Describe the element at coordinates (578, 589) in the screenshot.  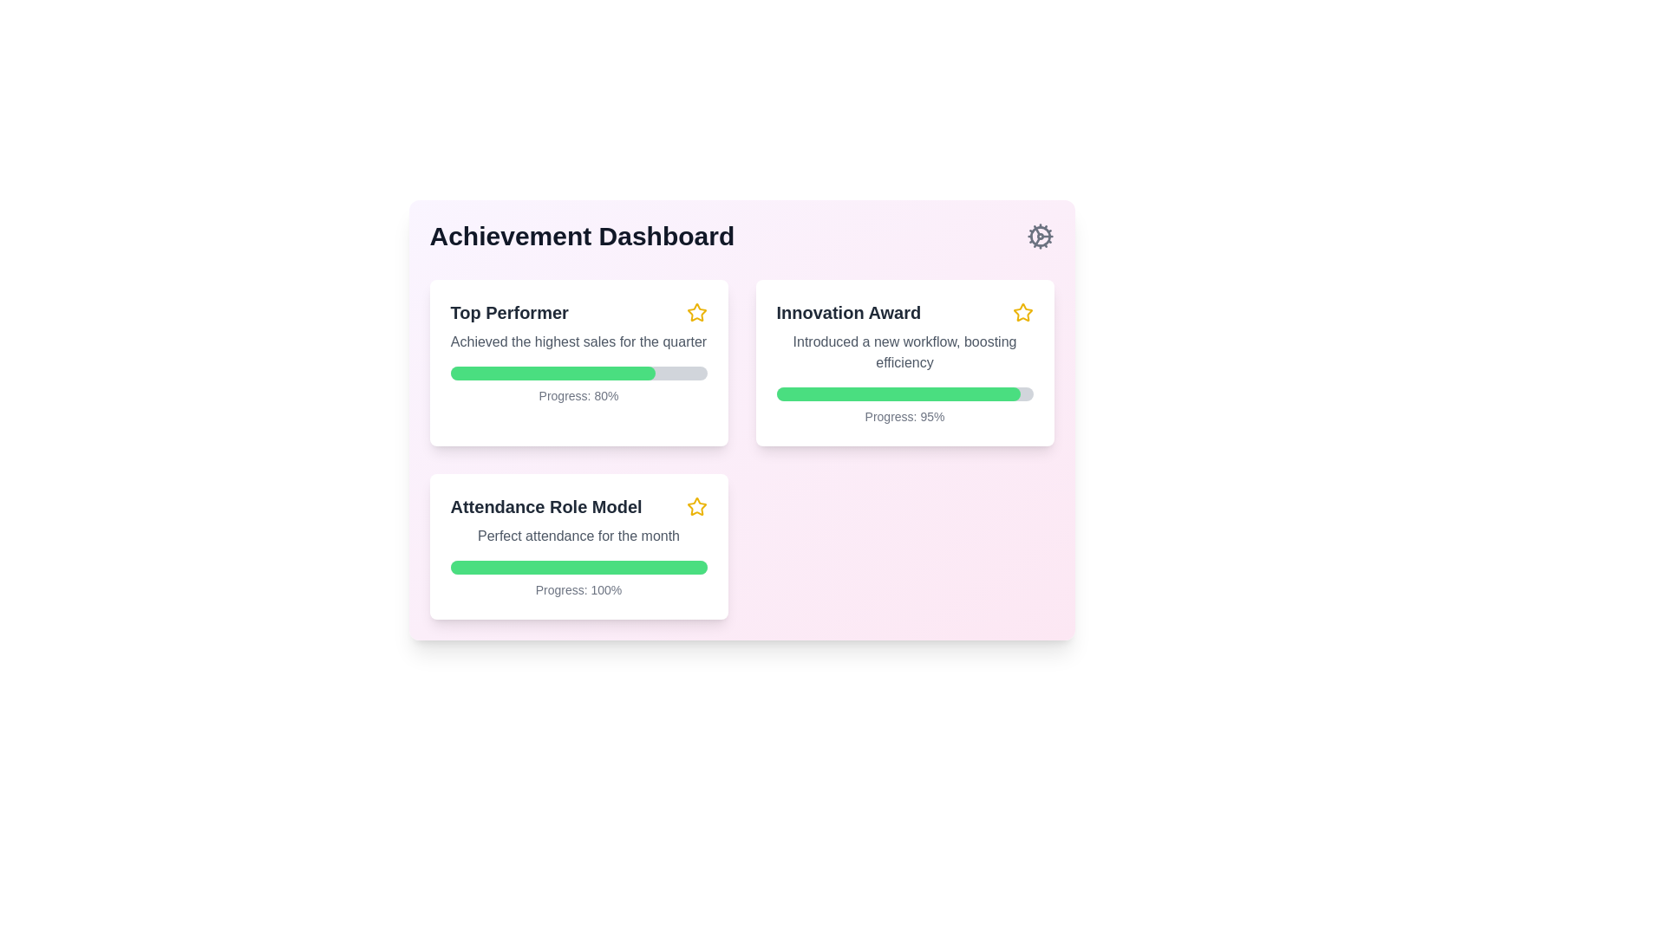
I see `the textual indicator that reads 'Progress: 100%', which is located below the green progress bar within the 'Attendance Role Model' card` at that location.